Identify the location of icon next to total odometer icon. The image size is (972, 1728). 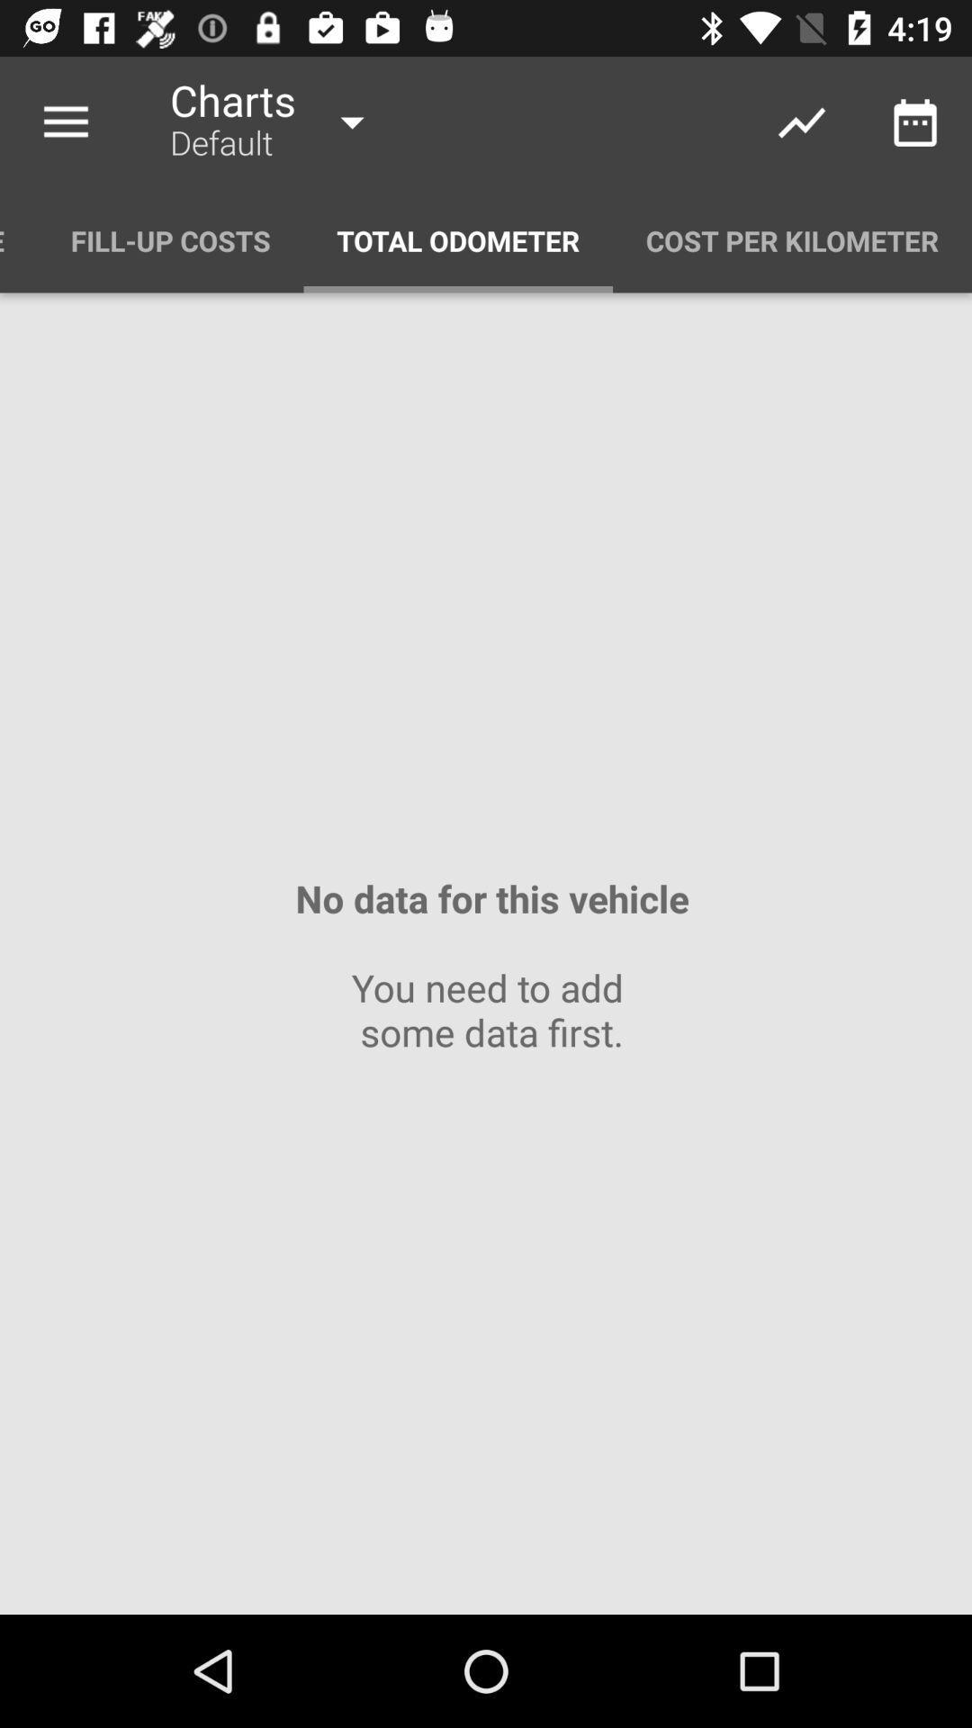
(170, 239).